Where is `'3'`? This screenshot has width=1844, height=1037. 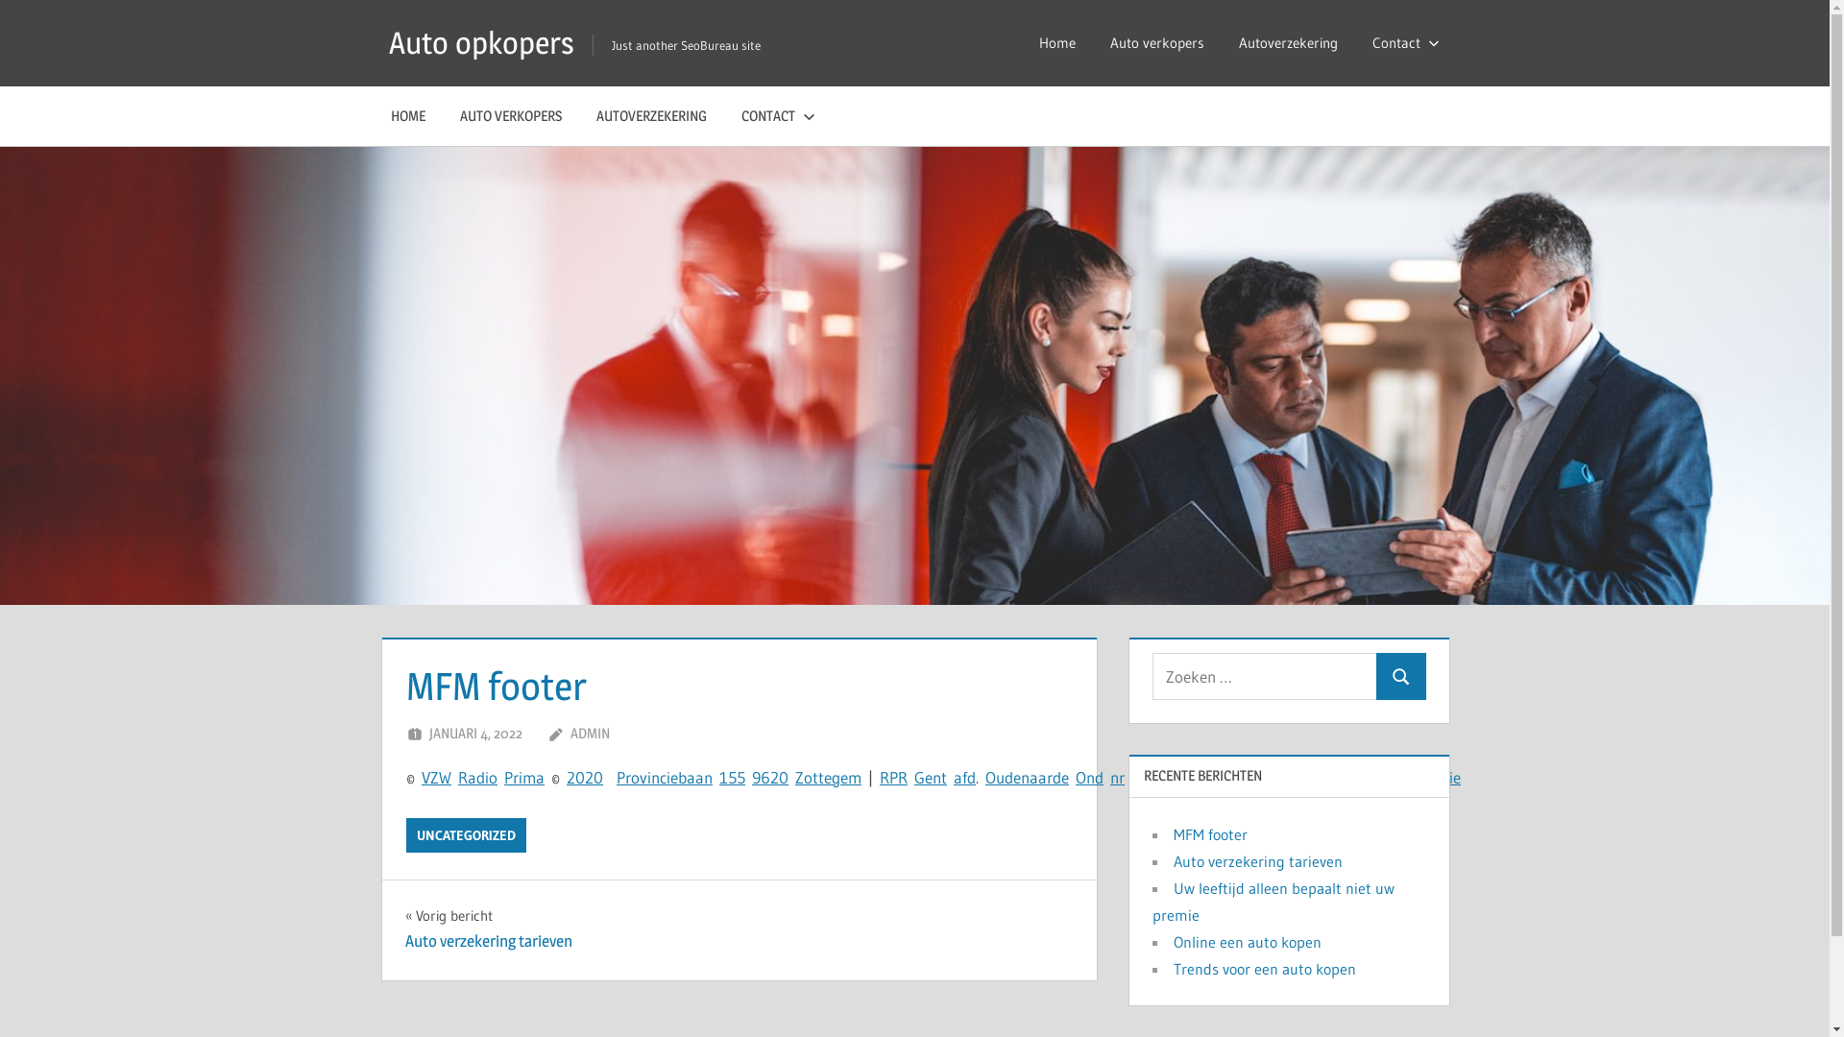
'3' is located at coordinates (1161, 776).